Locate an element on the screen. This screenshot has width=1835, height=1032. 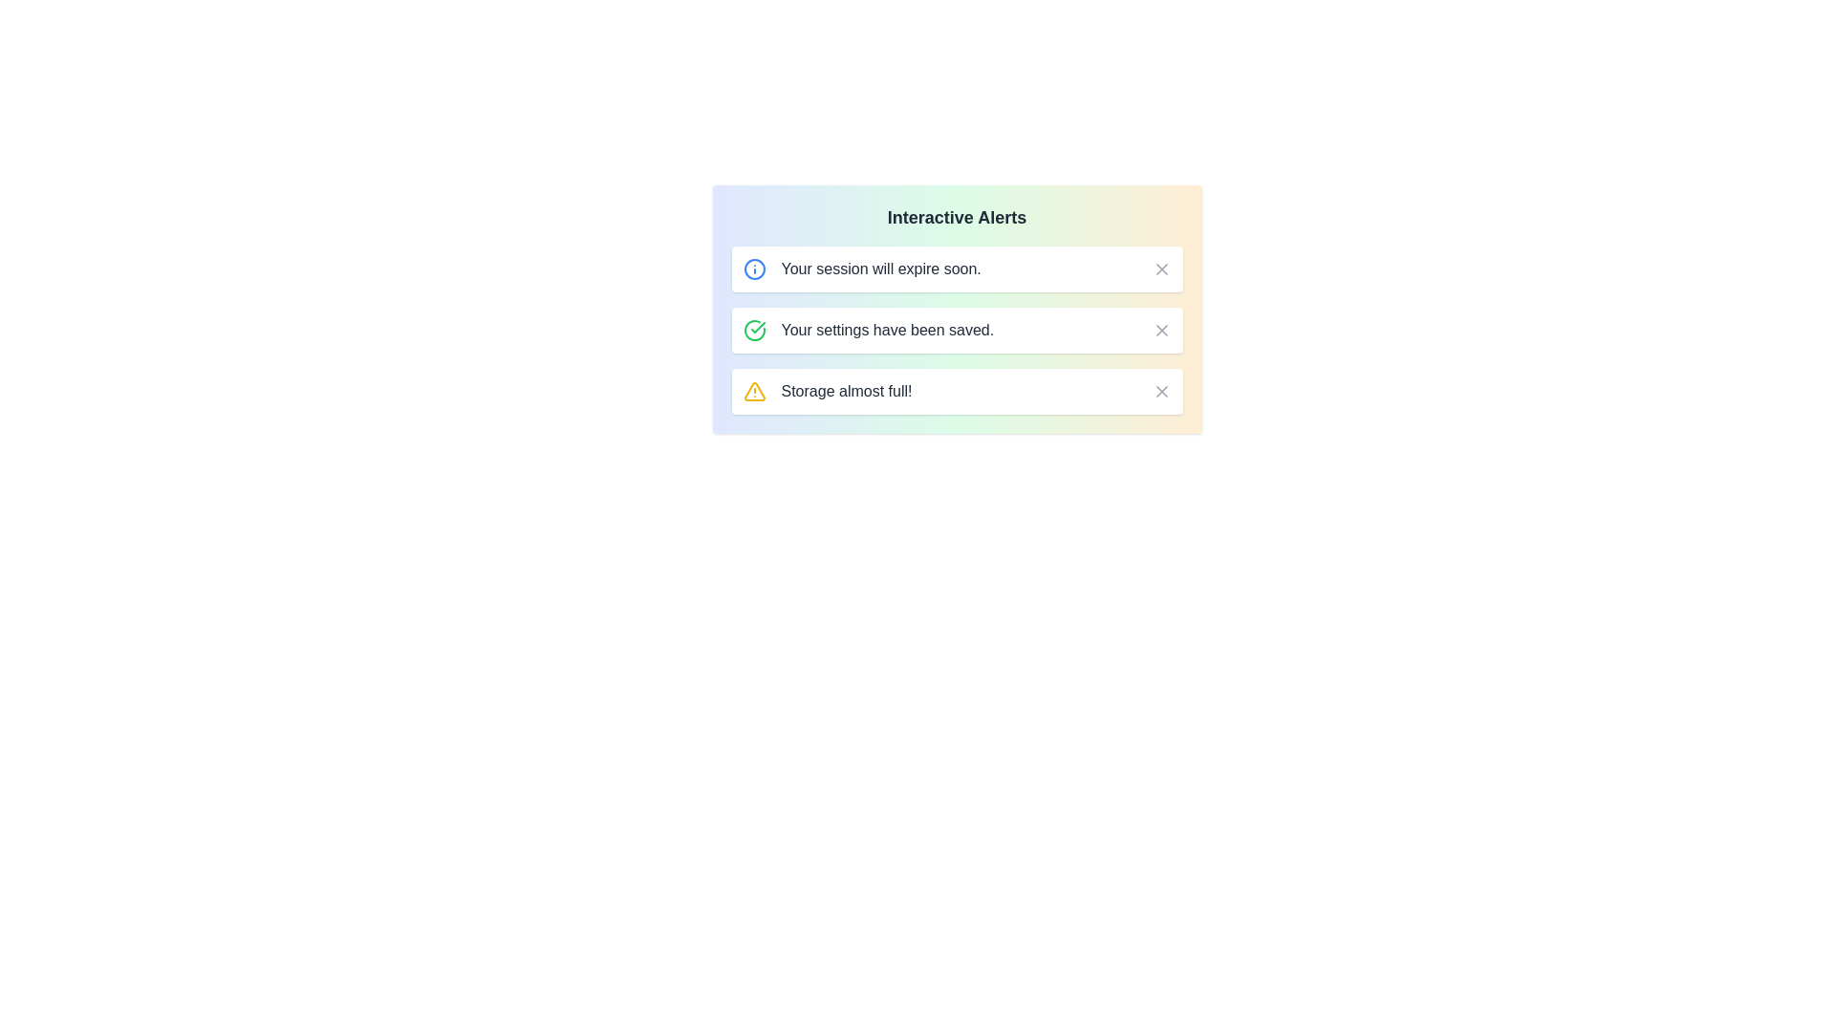
the close button icon ('X') located on the far right of the alert box labeled 'Your session will expire soon.' to observe the hover effects is located at coordinates (1160, 269).